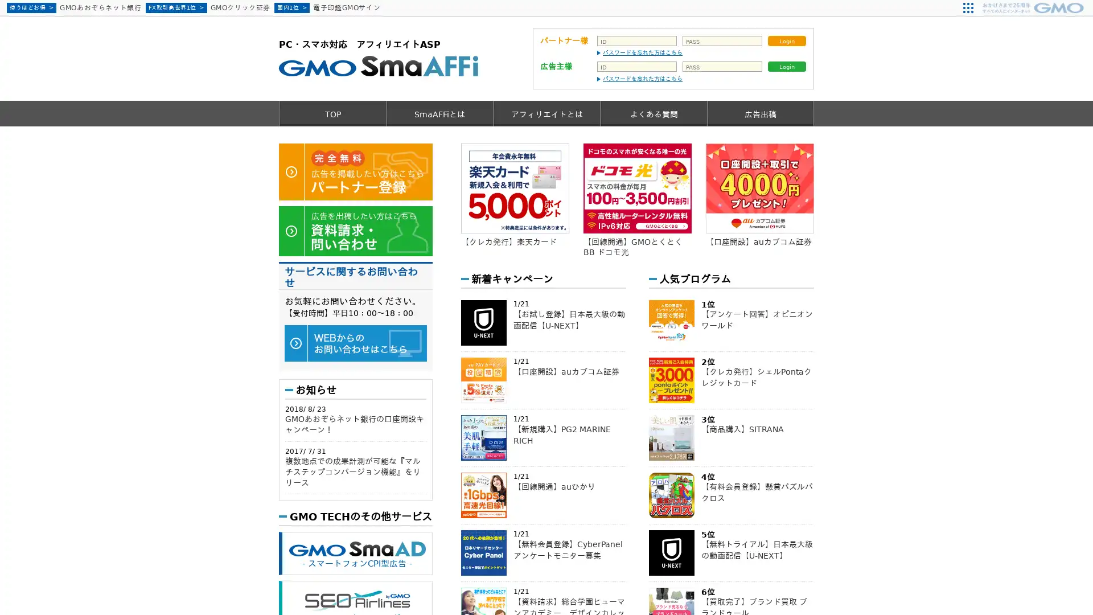  What do you see at coordinates (786, 66) in the screenshot?
I see `Login` at bounding box center [786, 66].